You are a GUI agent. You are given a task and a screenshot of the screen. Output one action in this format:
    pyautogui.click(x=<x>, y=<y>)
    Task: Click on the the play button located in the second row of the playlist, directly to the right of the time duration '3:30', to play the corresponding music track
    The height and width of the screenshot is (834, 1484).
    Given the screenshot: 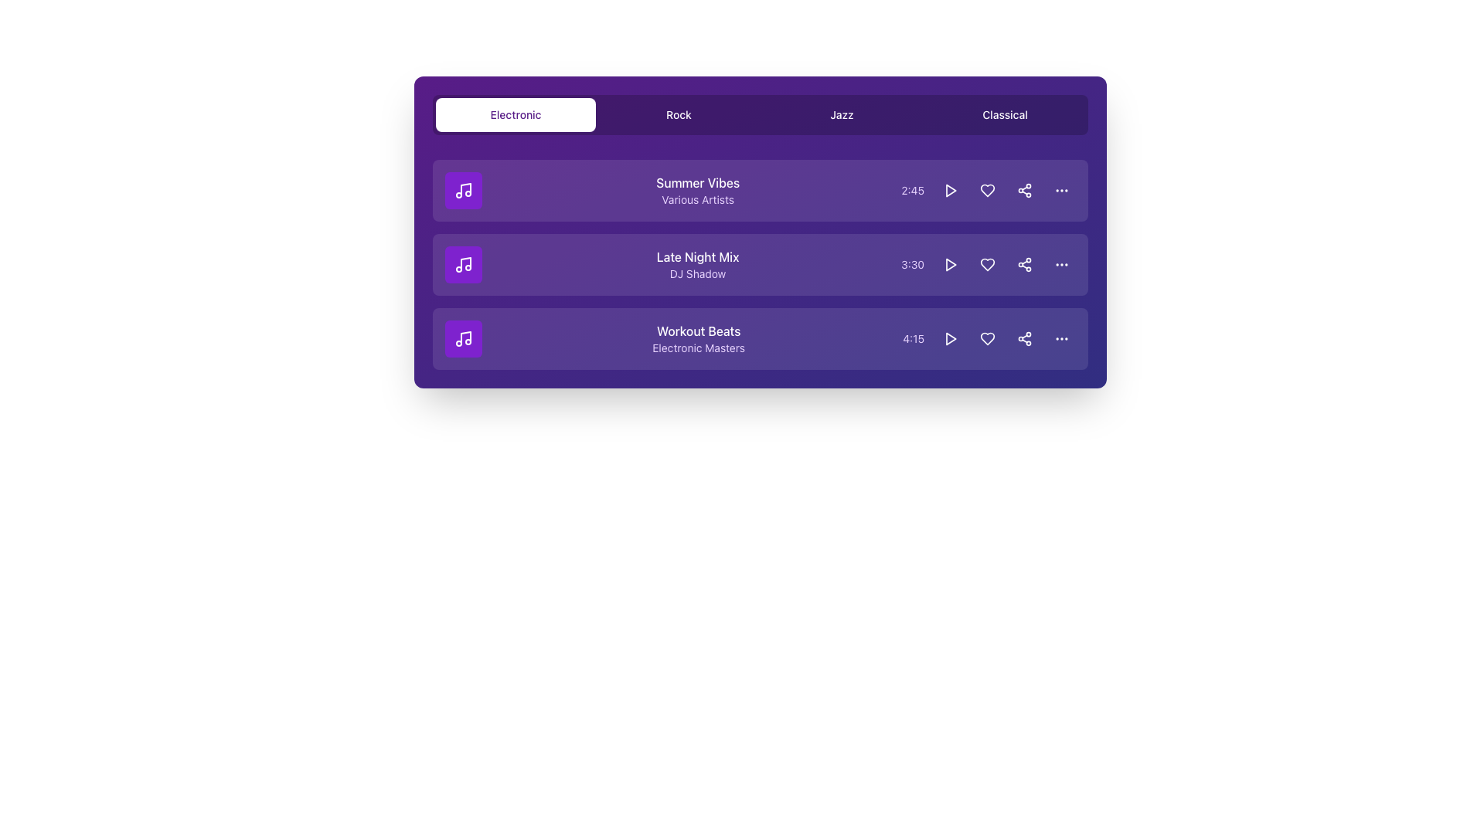 What is the action you would take?
    pyautogui.click(x=949, y=189)
    